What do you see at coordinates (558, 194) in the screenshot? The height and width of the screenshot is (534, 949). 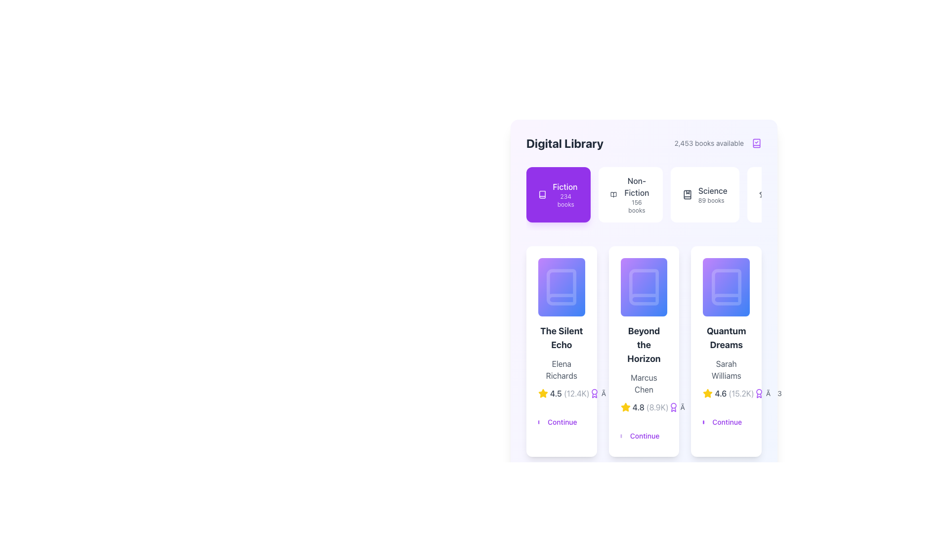 I see `the 'Fiction' category selector button located under the 'Digital Library' heading` at bounding box center [558, 194].